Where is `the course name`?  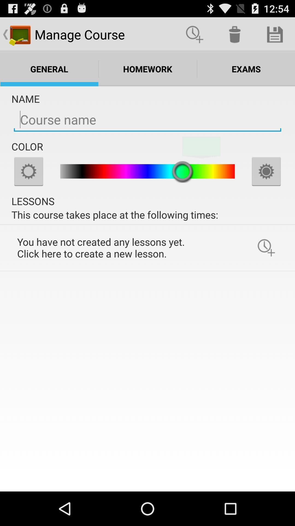 the course name is located at coordinates (147, 119).